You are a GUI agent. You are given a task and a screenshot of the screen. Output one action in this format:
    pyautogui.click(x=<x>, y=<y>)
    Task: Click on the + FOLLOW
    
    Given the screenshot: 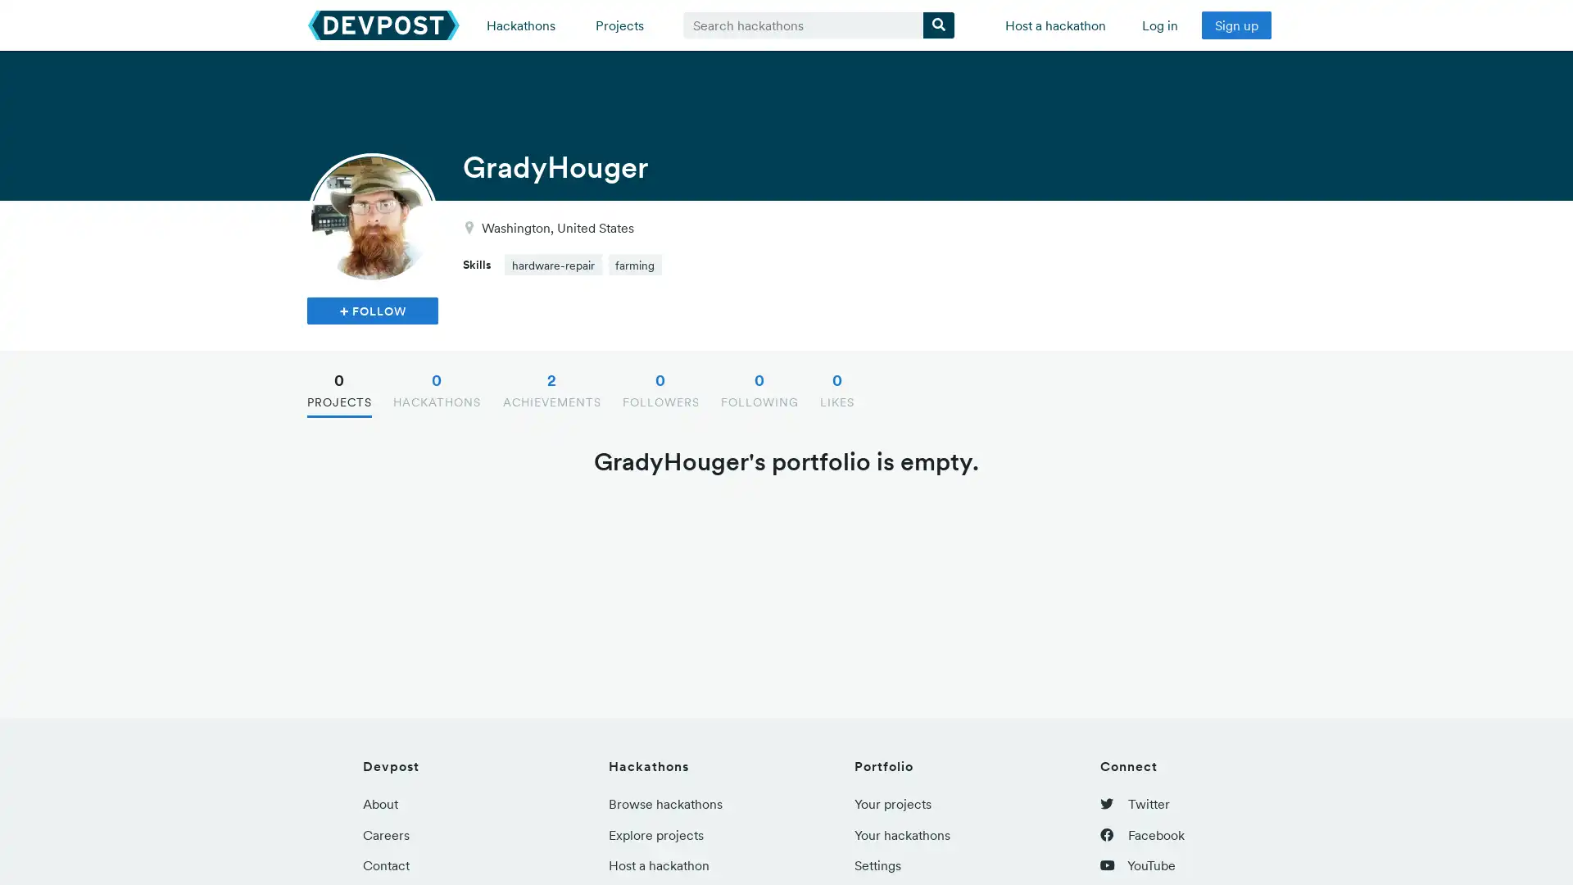 What is the action you would take?
    pyautogui.click(x=372, y=310)
    